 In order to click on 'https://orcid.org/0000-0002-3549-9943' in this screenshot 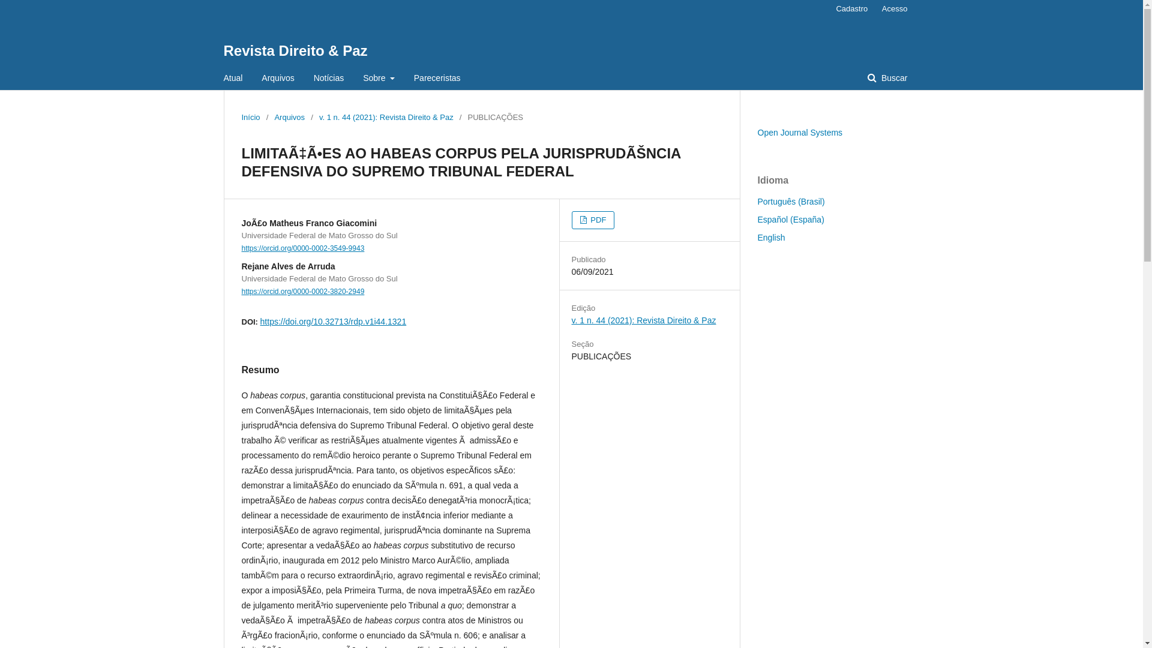, I will do `click(302, 247)`.